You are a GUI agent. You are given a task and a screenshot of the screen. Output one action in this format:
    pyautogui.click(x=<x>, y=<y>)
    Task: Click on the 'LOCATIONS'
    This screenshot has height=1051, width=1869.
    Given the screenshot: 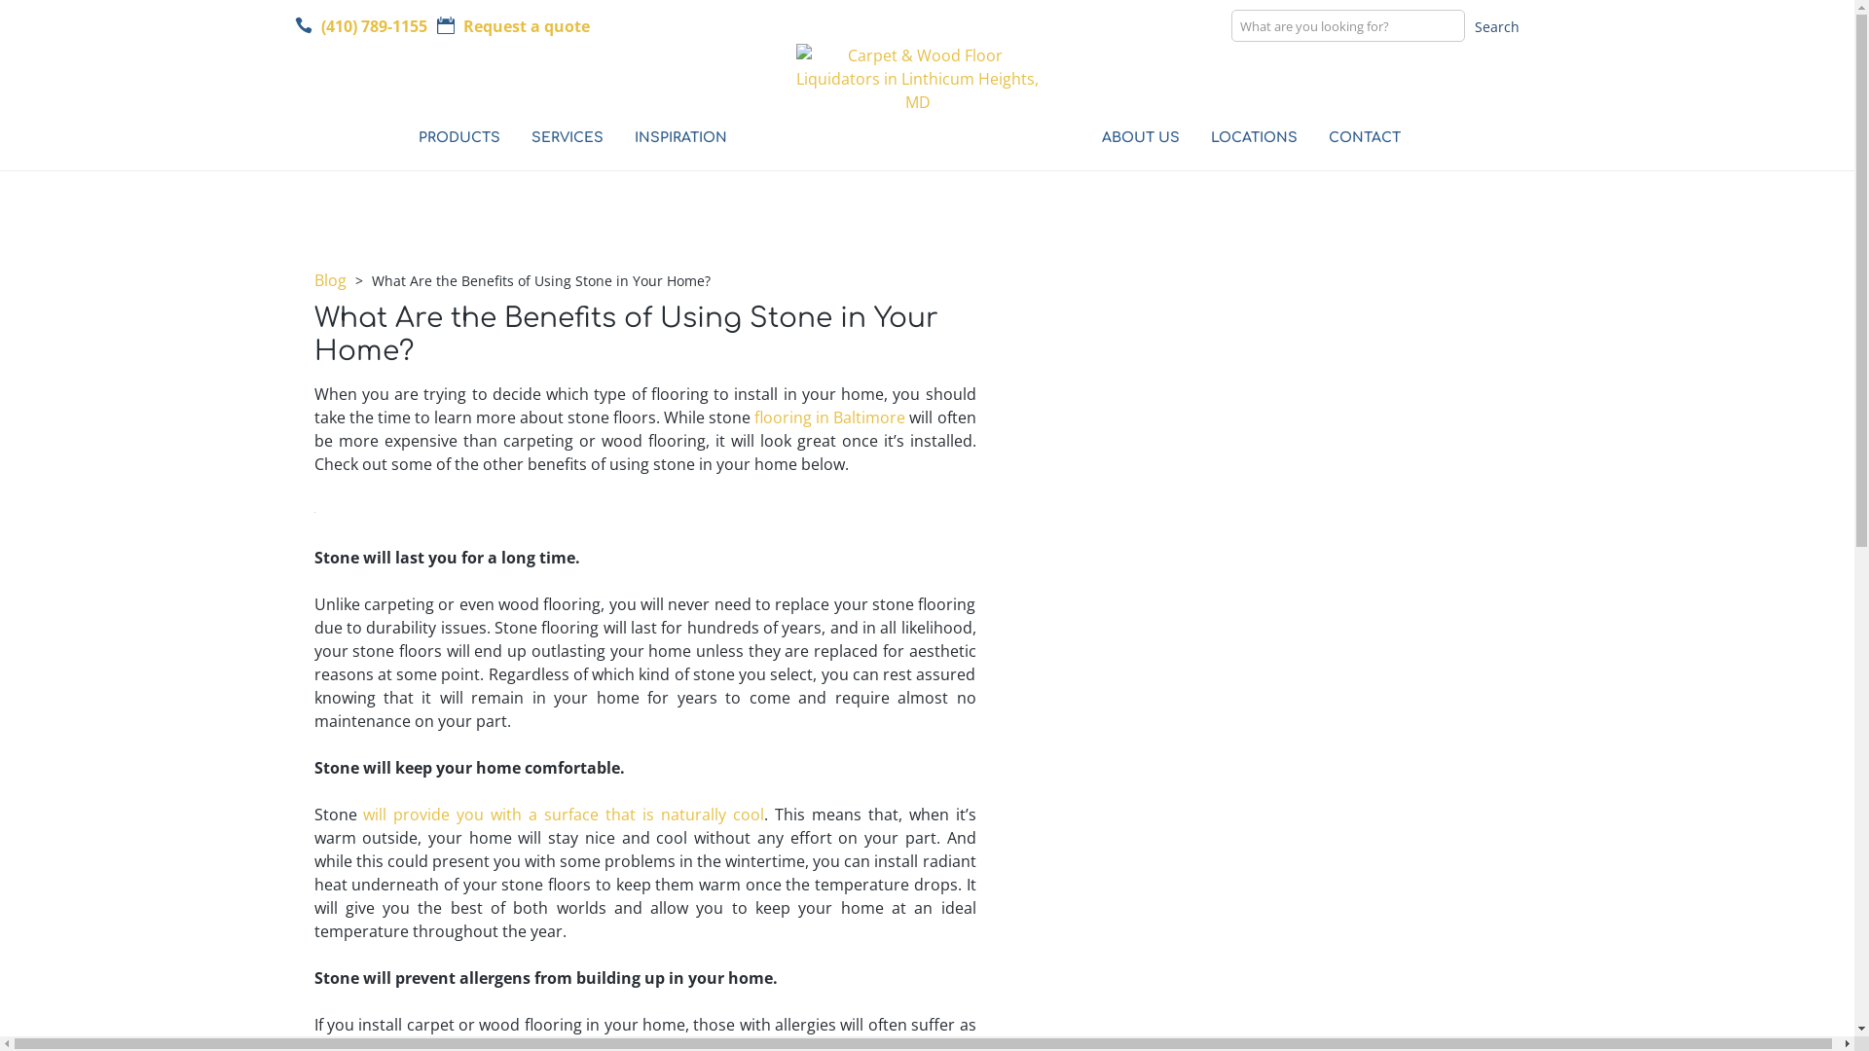 What is the action you would take?
    pyautogui.click(x=1244, y=140)
    